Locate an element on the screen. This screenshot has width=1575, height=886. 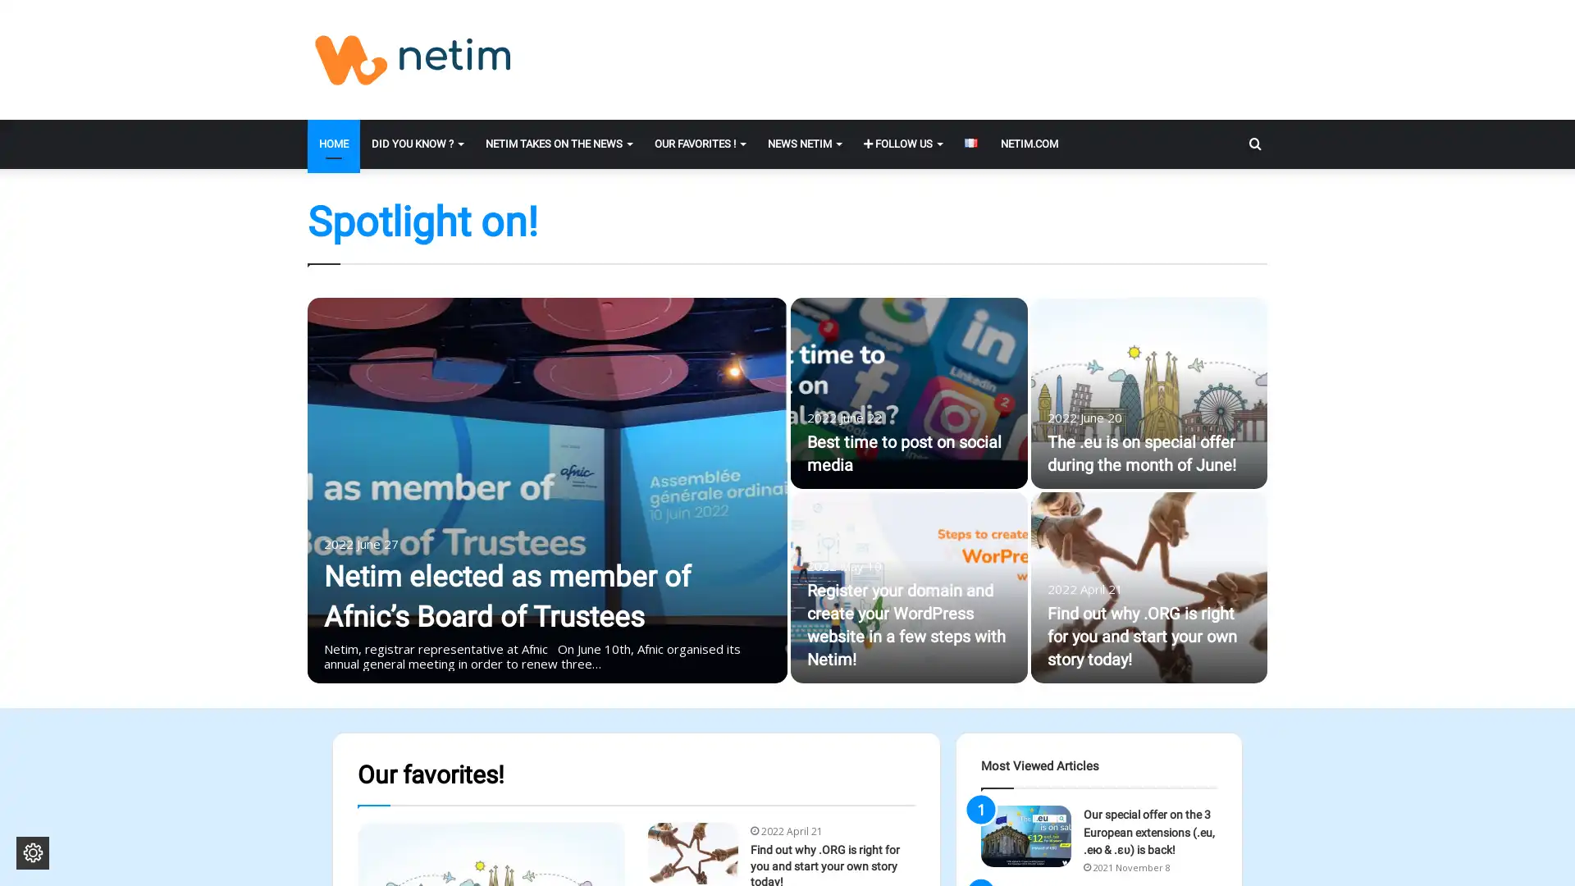
Change cookie settings is located at coordinates (32, 852).